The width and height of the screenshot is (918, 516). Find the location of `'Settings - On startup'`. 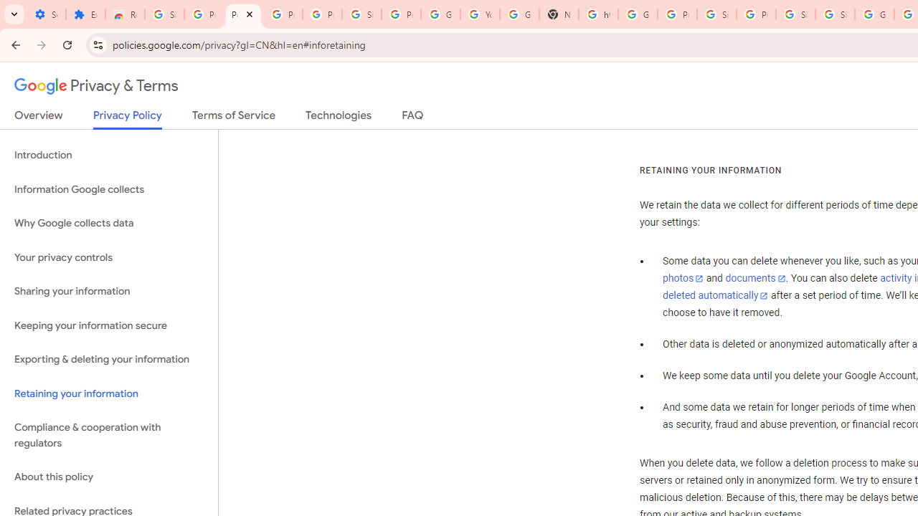

'Settings - On startup' is located at coordinates (46, 14).